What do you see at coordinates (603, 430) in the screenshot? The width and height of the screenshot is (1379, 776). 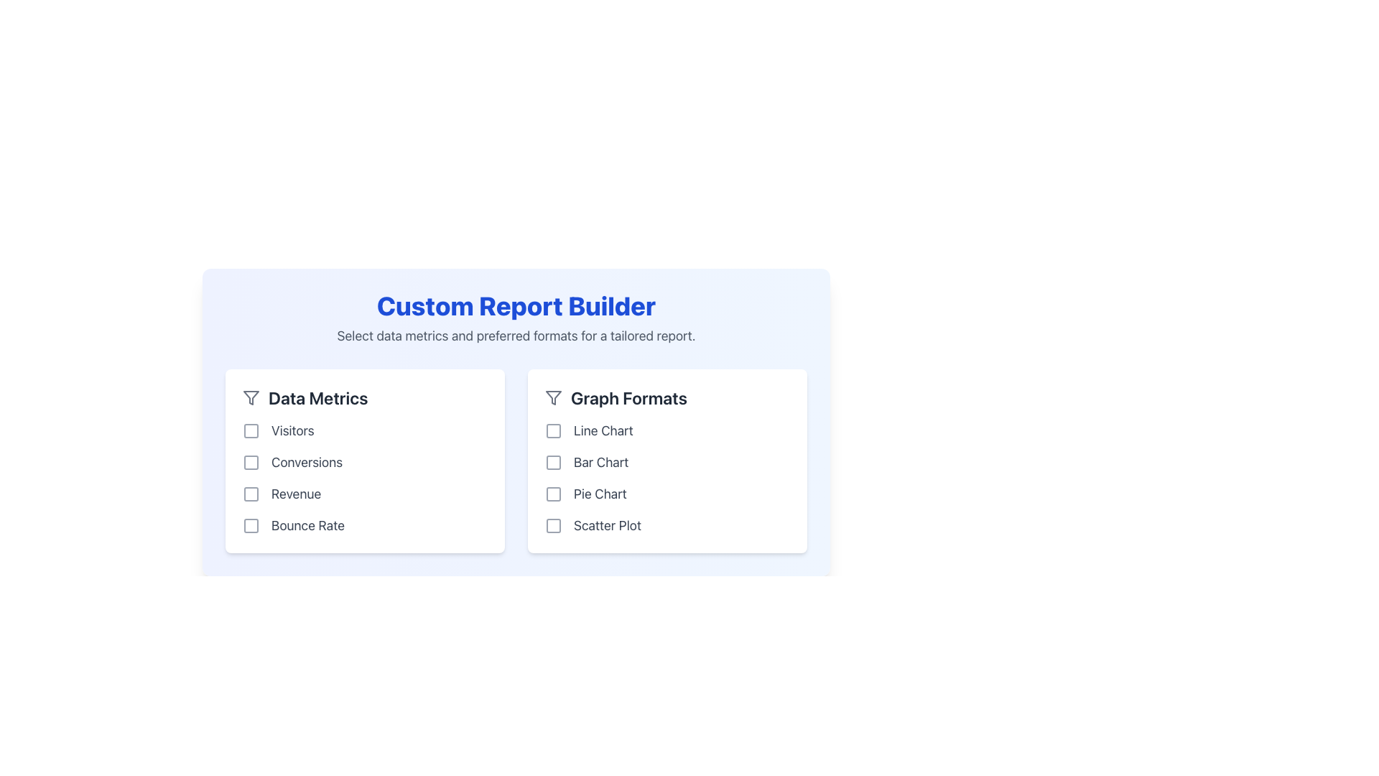 I see `the 'Line Chart' label element, which is styled with a gray color and is the first option in the 'Graph Formats' section` at bounding box center [603, 430].